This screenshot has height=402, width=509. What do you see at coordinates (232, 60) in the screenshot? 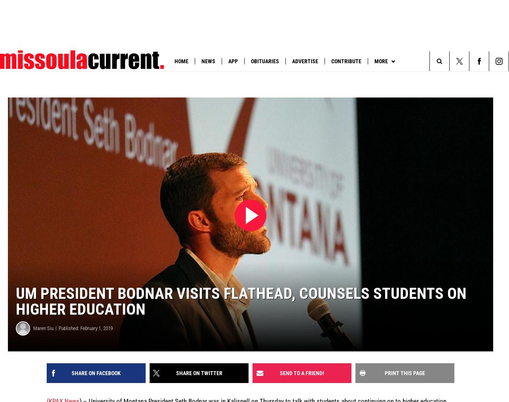
I see `'App'` at bounding box center [232, 60].